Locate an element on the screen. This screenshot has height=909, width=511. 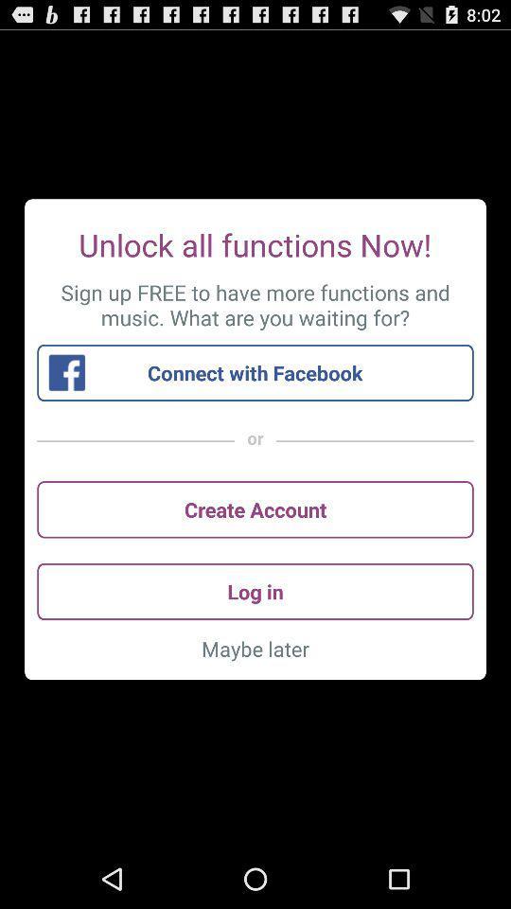
the icon below the log in is located at coordinates (255, 649).